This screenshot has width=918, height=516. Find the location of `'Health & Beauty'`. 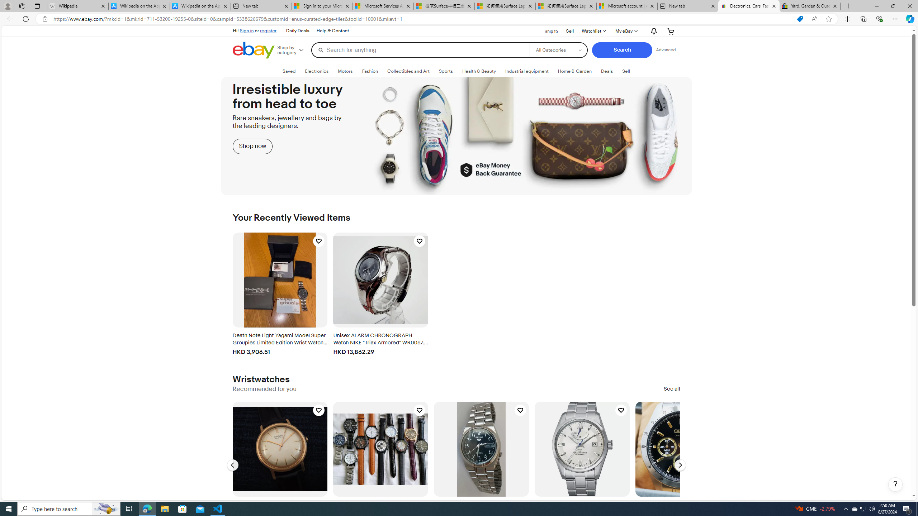

'Health & Beauty' is located at coordinates (479, 71).